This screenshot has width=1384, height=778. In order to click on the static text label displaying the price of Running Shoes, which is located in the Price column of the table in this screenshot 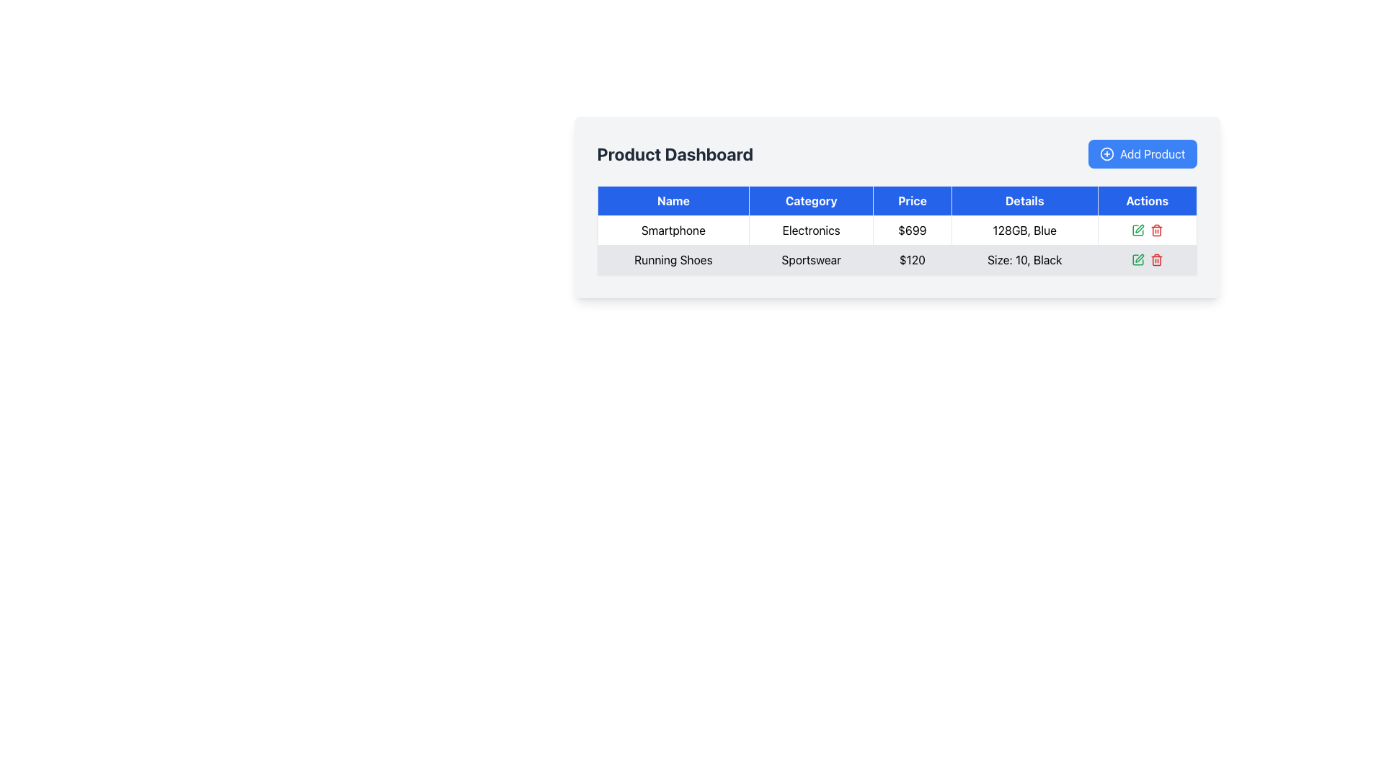, I will do `click(911, 260)`.